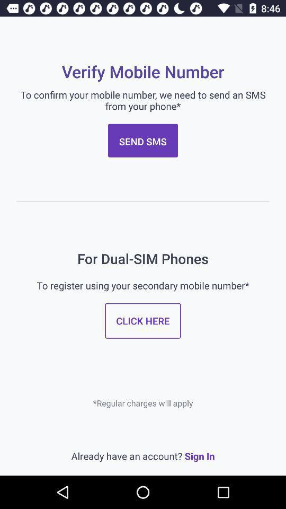 The width and height of the screenshot is (286, 509). I want to click on click here icon, so click(143, 320).